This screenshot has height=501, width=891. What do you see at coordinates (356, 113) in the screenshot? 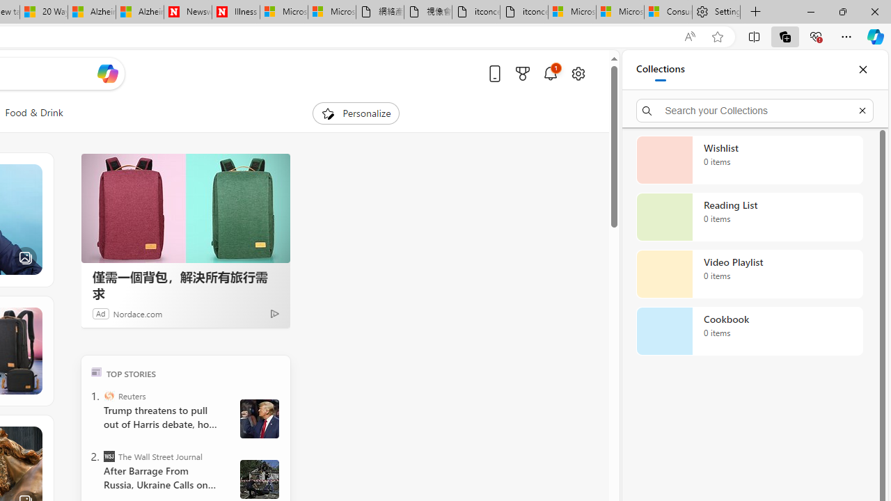
I see `'Personalize'` at bounding box center [356, 113].